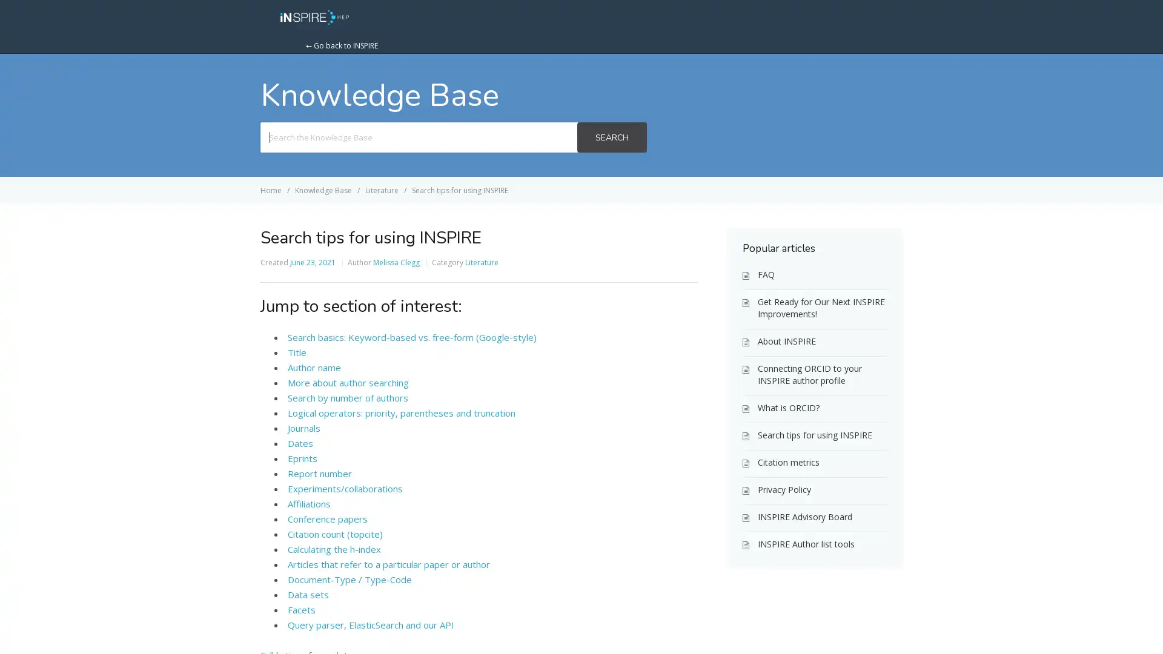 The height and width of the screenshot is (654, 1163). I want to click on SEARCH, so click(611, 137).